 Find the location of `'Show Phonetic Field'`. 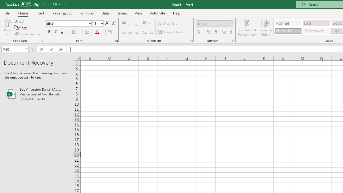

'Show Phonetic Field' is located at coordinates (109, 32).